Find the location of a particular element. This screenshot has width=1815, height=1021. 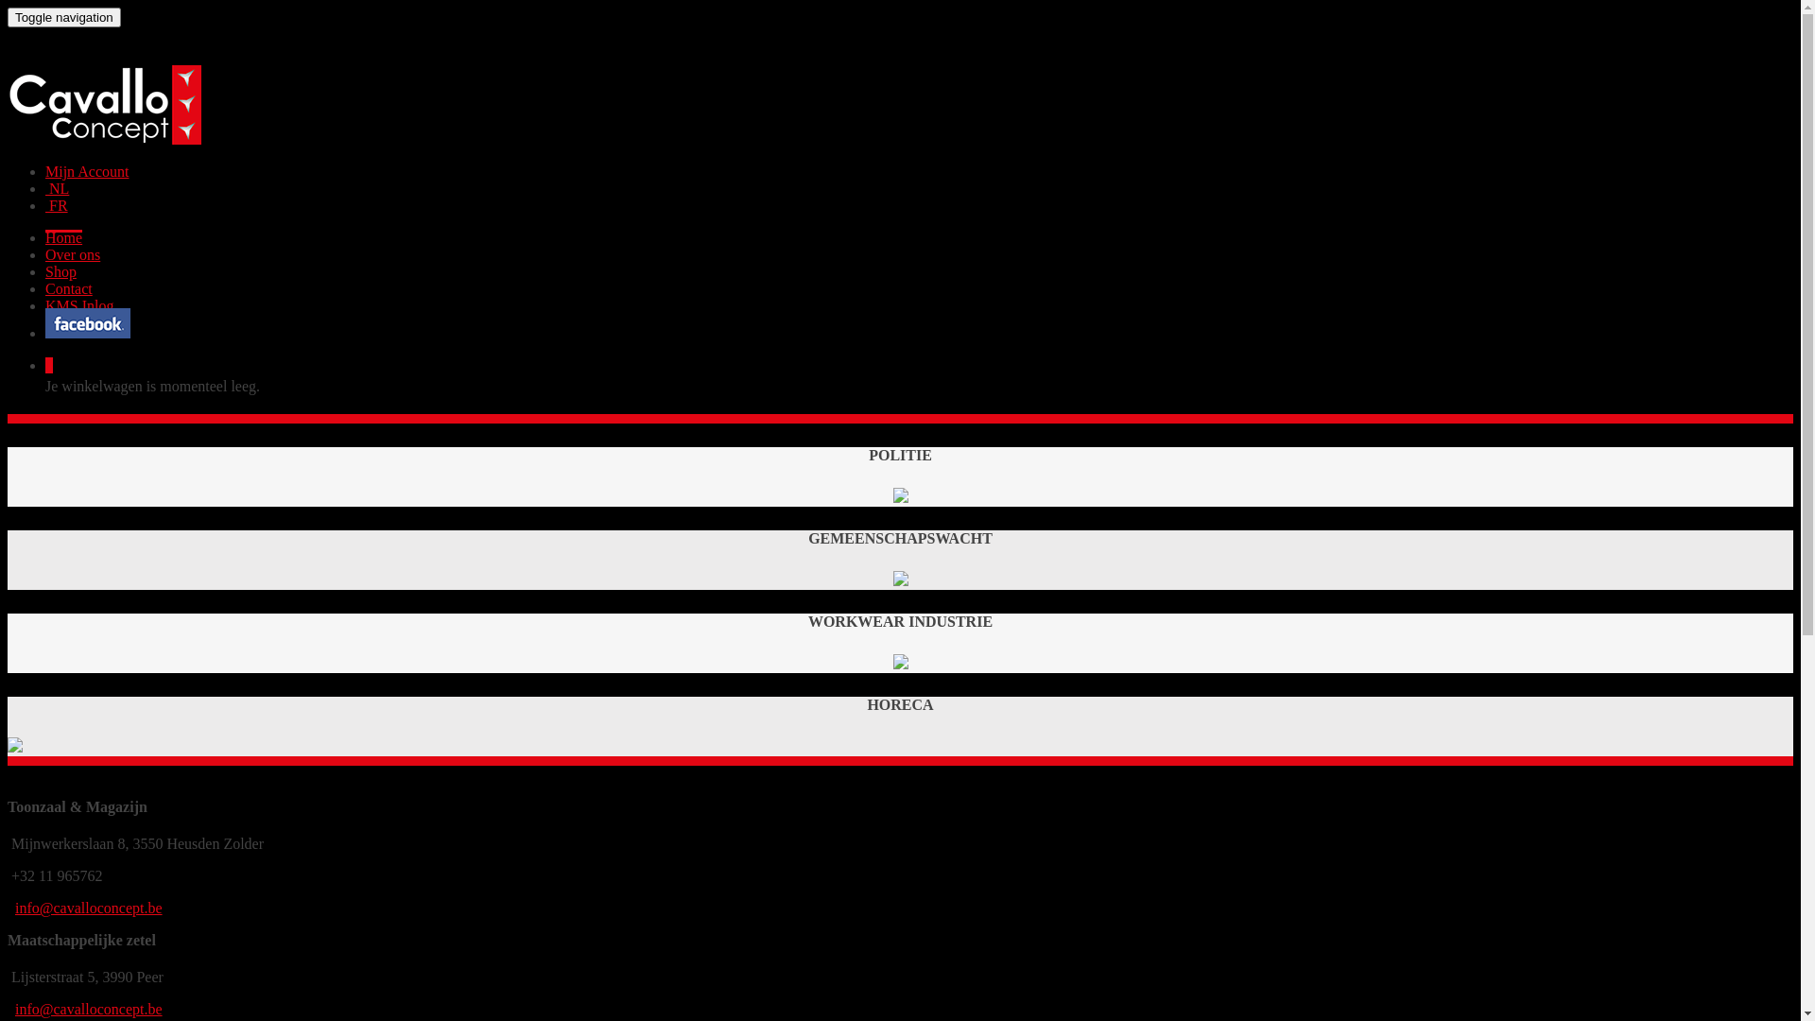

'Cavallo Concept' is located at coordinates (103, 138).